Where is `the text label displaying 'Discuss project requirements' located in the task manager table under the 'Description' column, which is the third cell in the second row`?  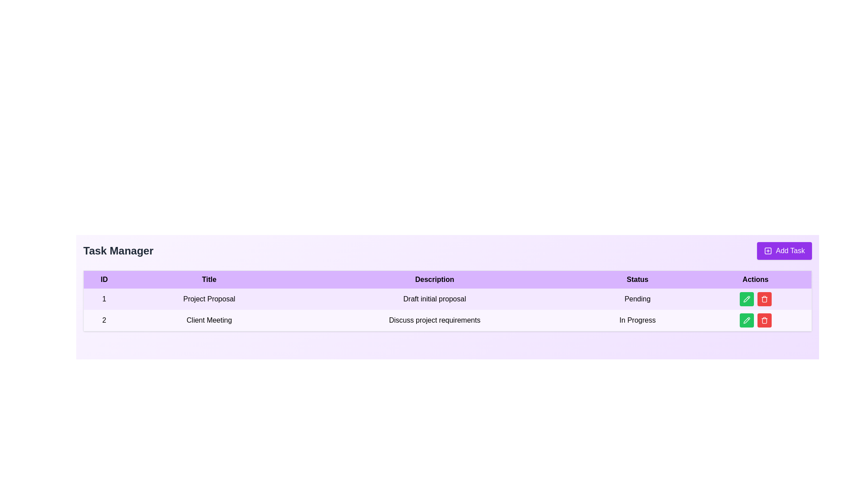
the text label displaying 'Discuss project requirements' located in the task manager table under the 'Description' column, which is the third cell in the second row is located at coordinates (434, 320).